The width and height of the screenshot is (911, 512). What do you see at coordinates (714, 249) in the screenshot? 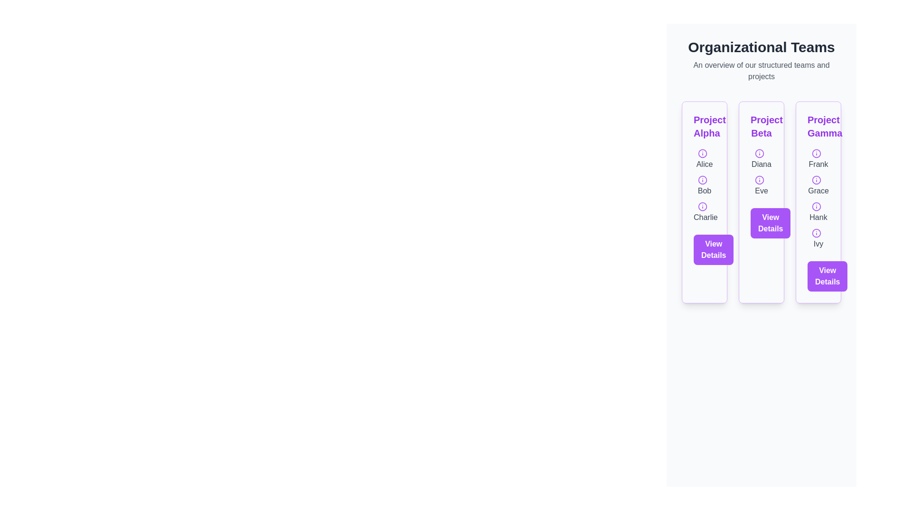
I see `the button located at the bottom of the 'Project Alpha' card` at bounding box center [714, 249].